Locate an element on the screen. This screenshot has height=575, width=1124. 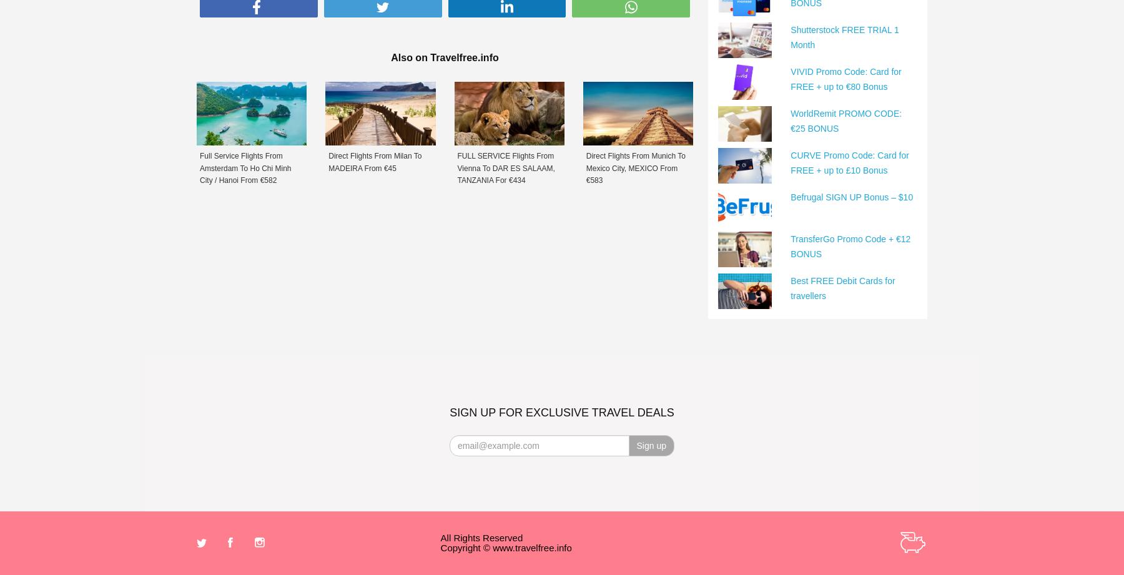
'CURVE Promo Code: Card for FREE + up to £10 Bonus' is located at coordinates (849, 161).